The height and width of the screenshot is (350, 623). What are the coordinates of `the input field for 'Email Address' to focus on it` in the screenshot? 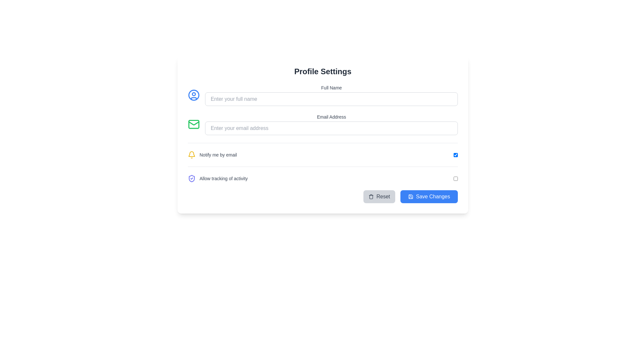 It's located at (331, 124).